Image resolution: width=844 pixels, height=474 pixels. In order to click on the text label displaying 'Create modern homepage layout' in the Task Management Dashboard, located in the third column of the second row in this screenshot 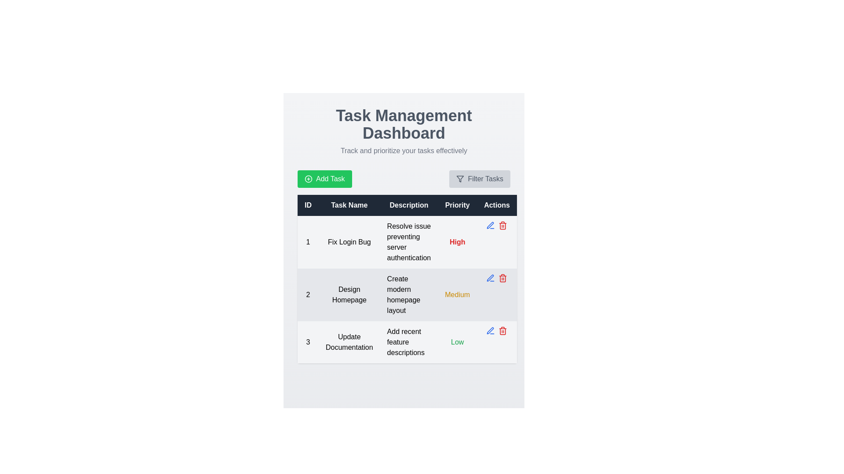, I will do `click(408, 294)`.